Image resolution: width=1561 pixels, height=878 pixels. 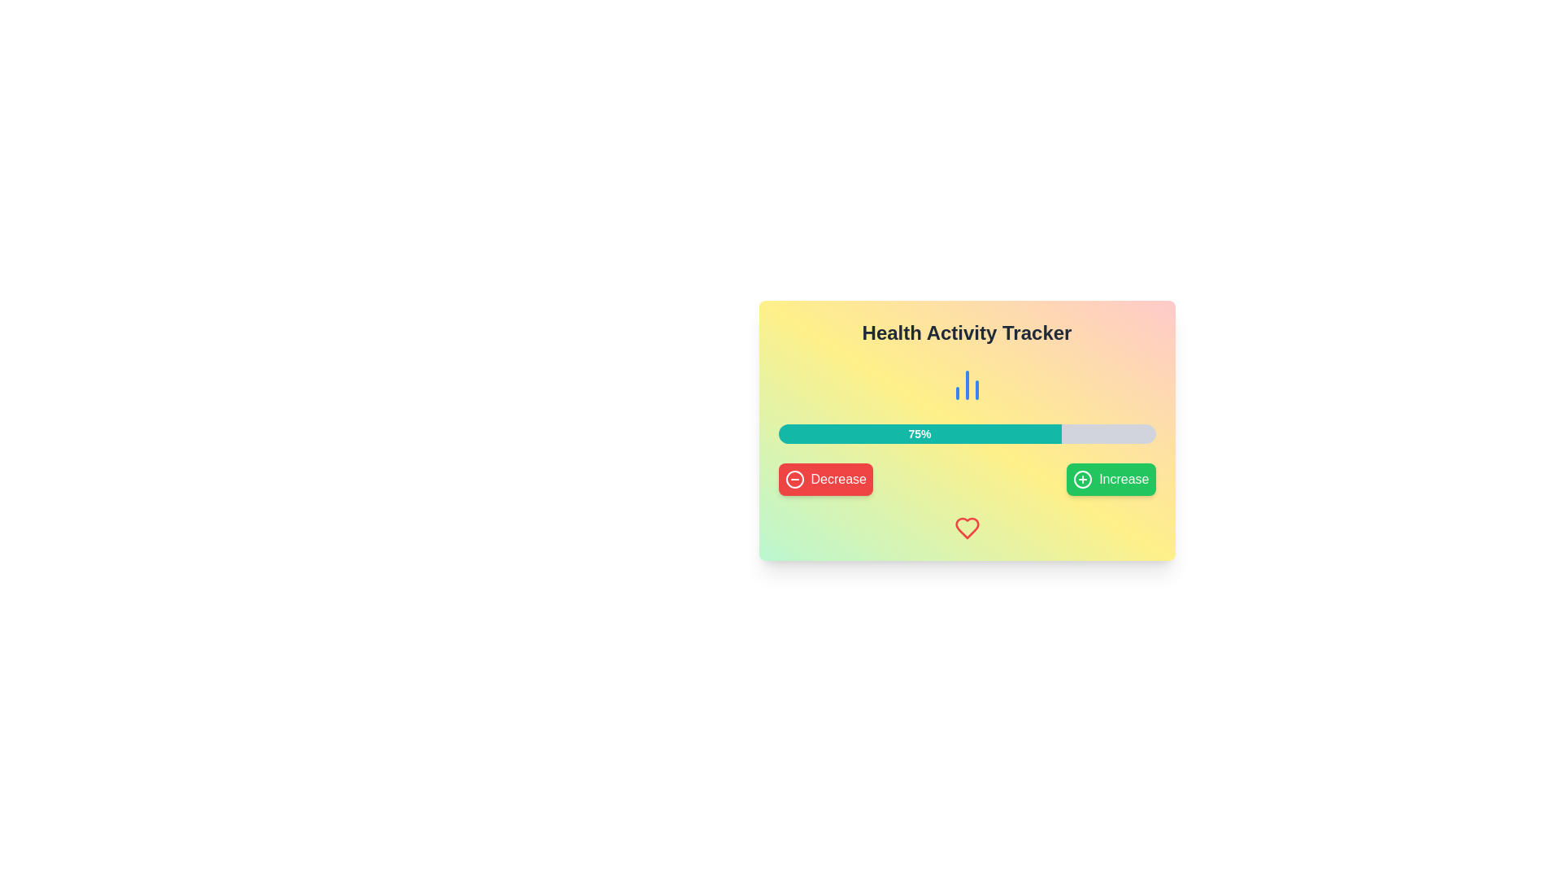 I want to click on the icon within the 'Increase' button, so click(x=1083, y=479).